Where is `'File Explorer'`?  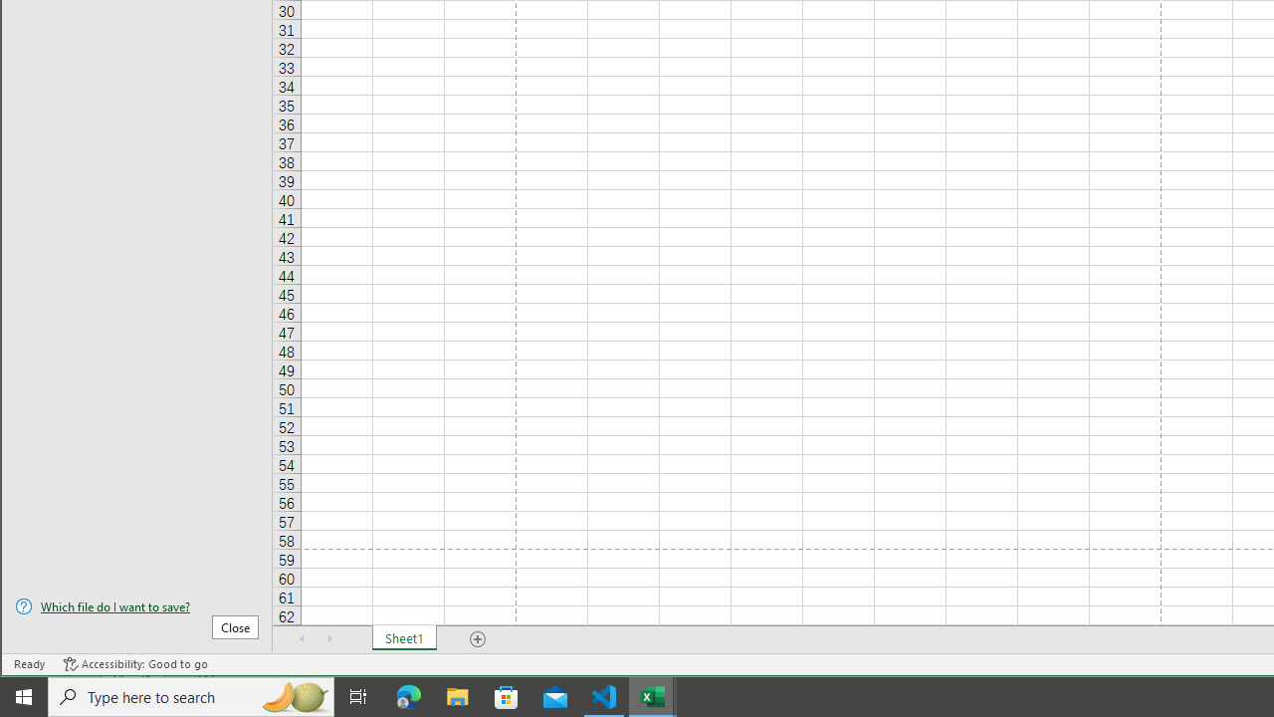 'File Explorer' is located at coordinates (457, 695).